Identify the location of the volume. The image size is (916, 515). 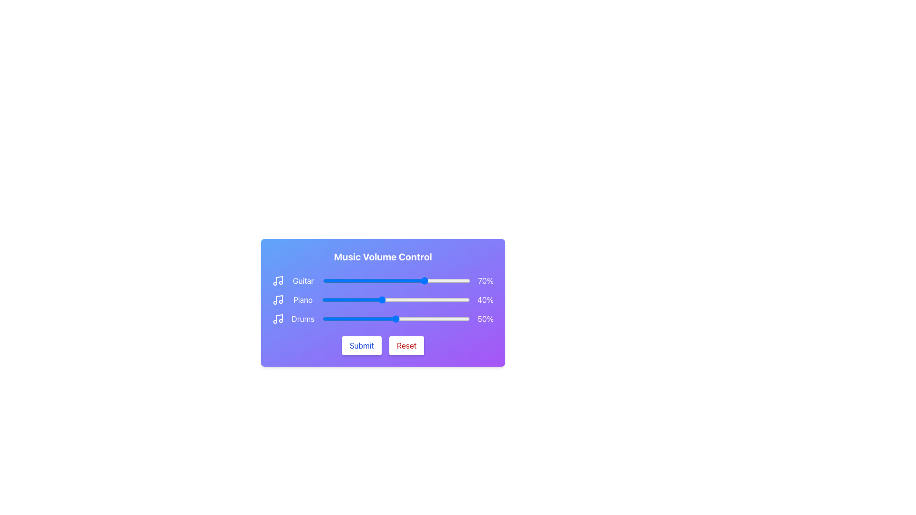
(397, 319).